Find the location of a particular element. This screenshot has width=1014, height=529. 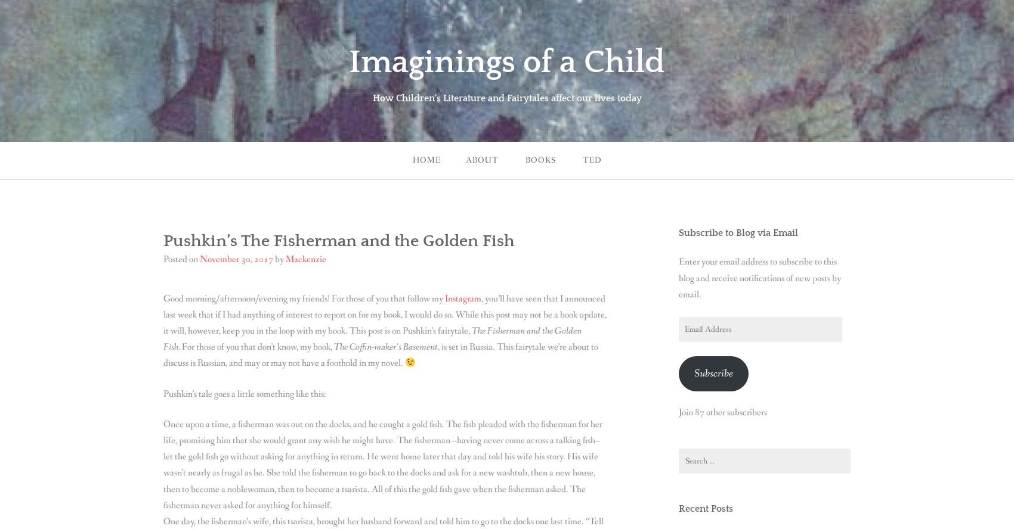

'For those of you that don’t know, my book,' is located at coordinates (258, 347).